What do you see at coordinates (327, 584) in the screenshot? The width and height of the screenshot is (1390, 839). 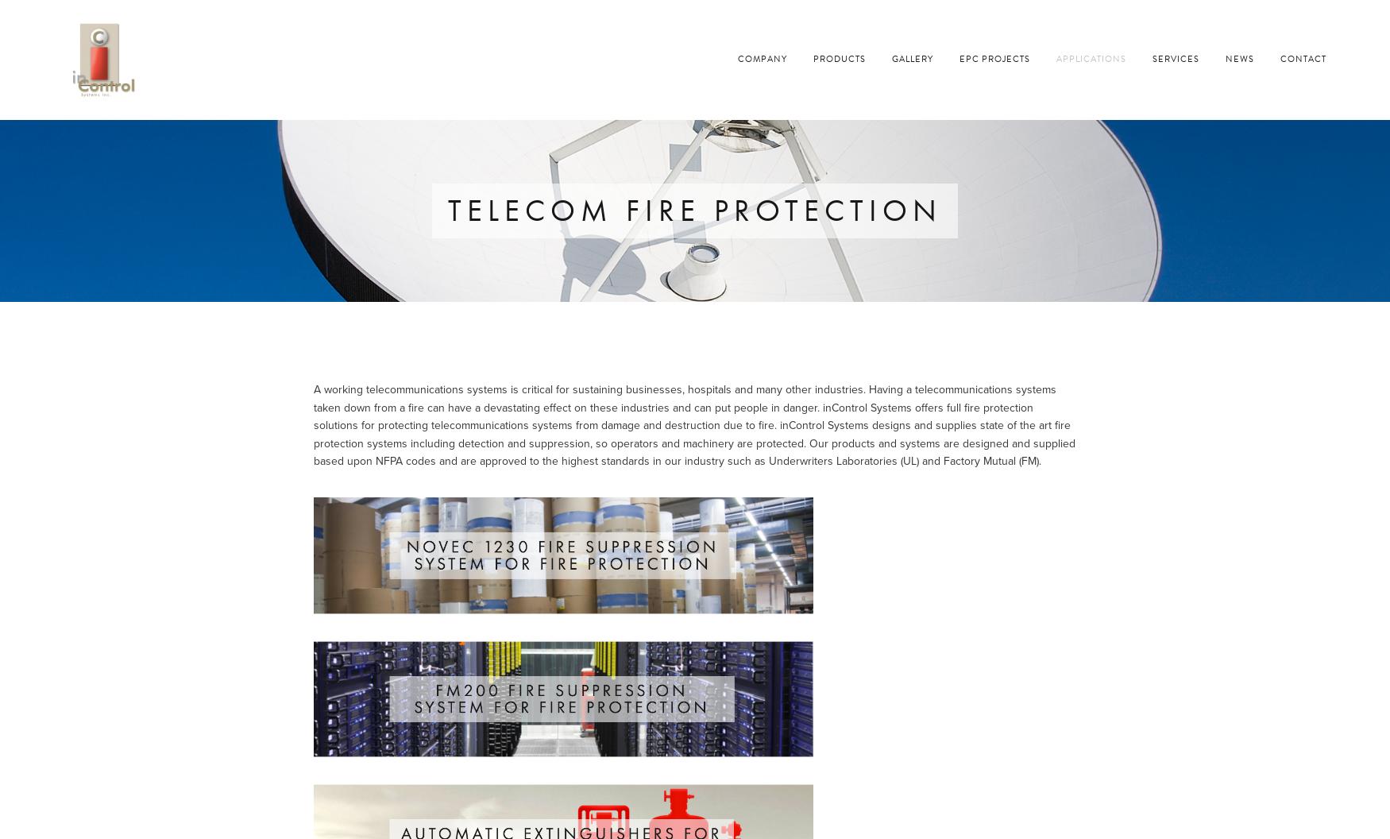 I see `'NOVEC 1230 CLEAN AGENT'` at bounding box center [327, 584].